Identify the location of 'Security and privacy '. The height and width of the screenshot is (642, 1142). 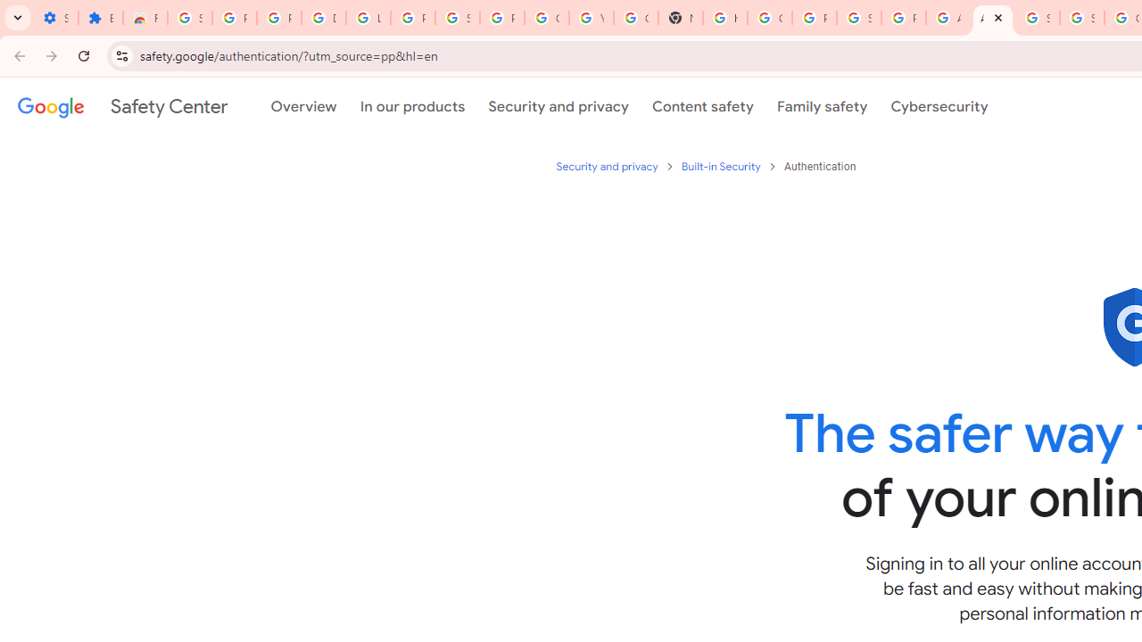
(608, 166).